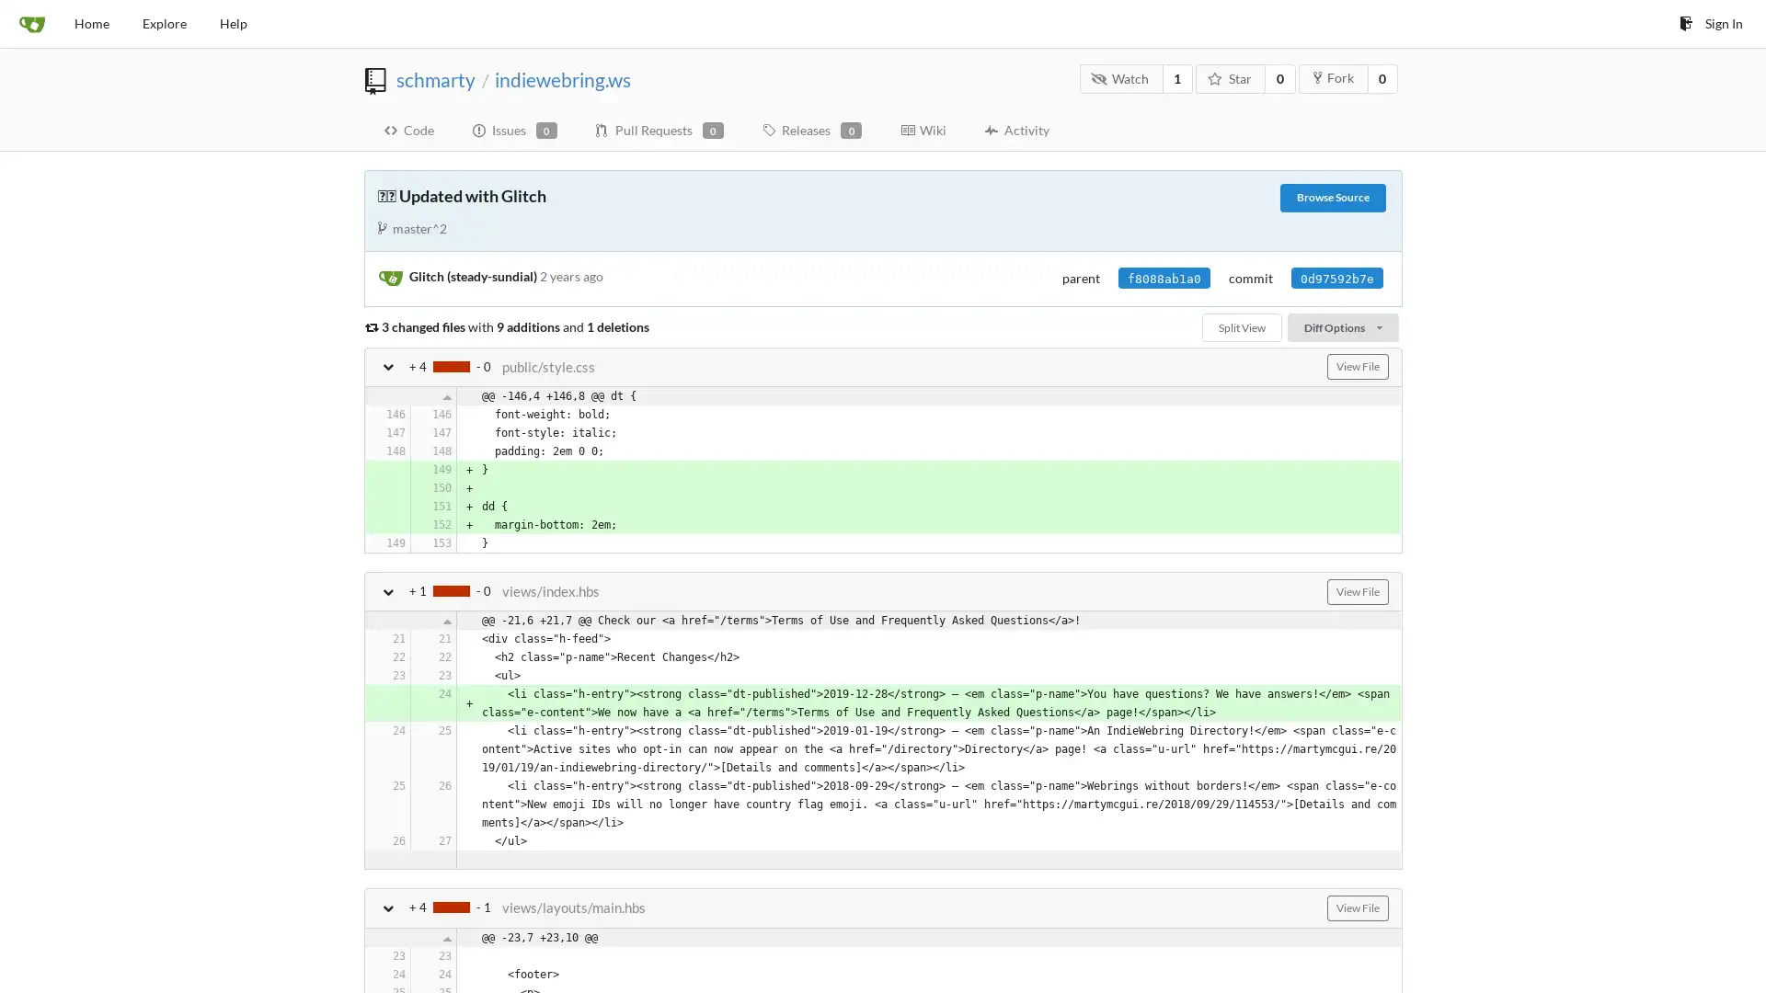 The image size is (1766, 993). What do you see at coordinates (1231, 77) in the screenshot?
I see `Star` at bounding box center [1231, 77].